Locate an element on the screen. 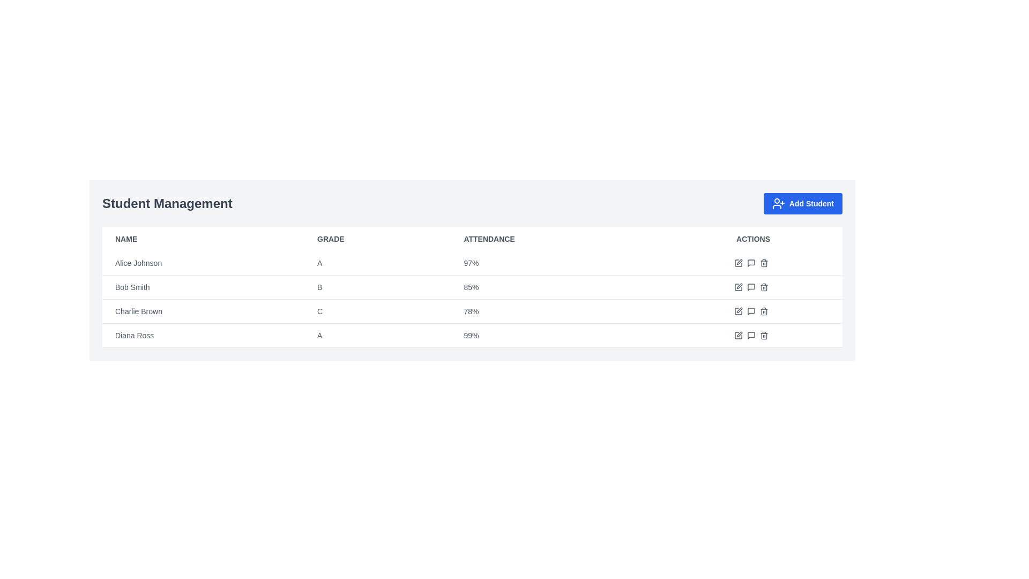 This screenshot has width=1029, height=579. the flag icon button located in the 'Actions' column for 'Bob Smith' is located at coordinates (752, 287).